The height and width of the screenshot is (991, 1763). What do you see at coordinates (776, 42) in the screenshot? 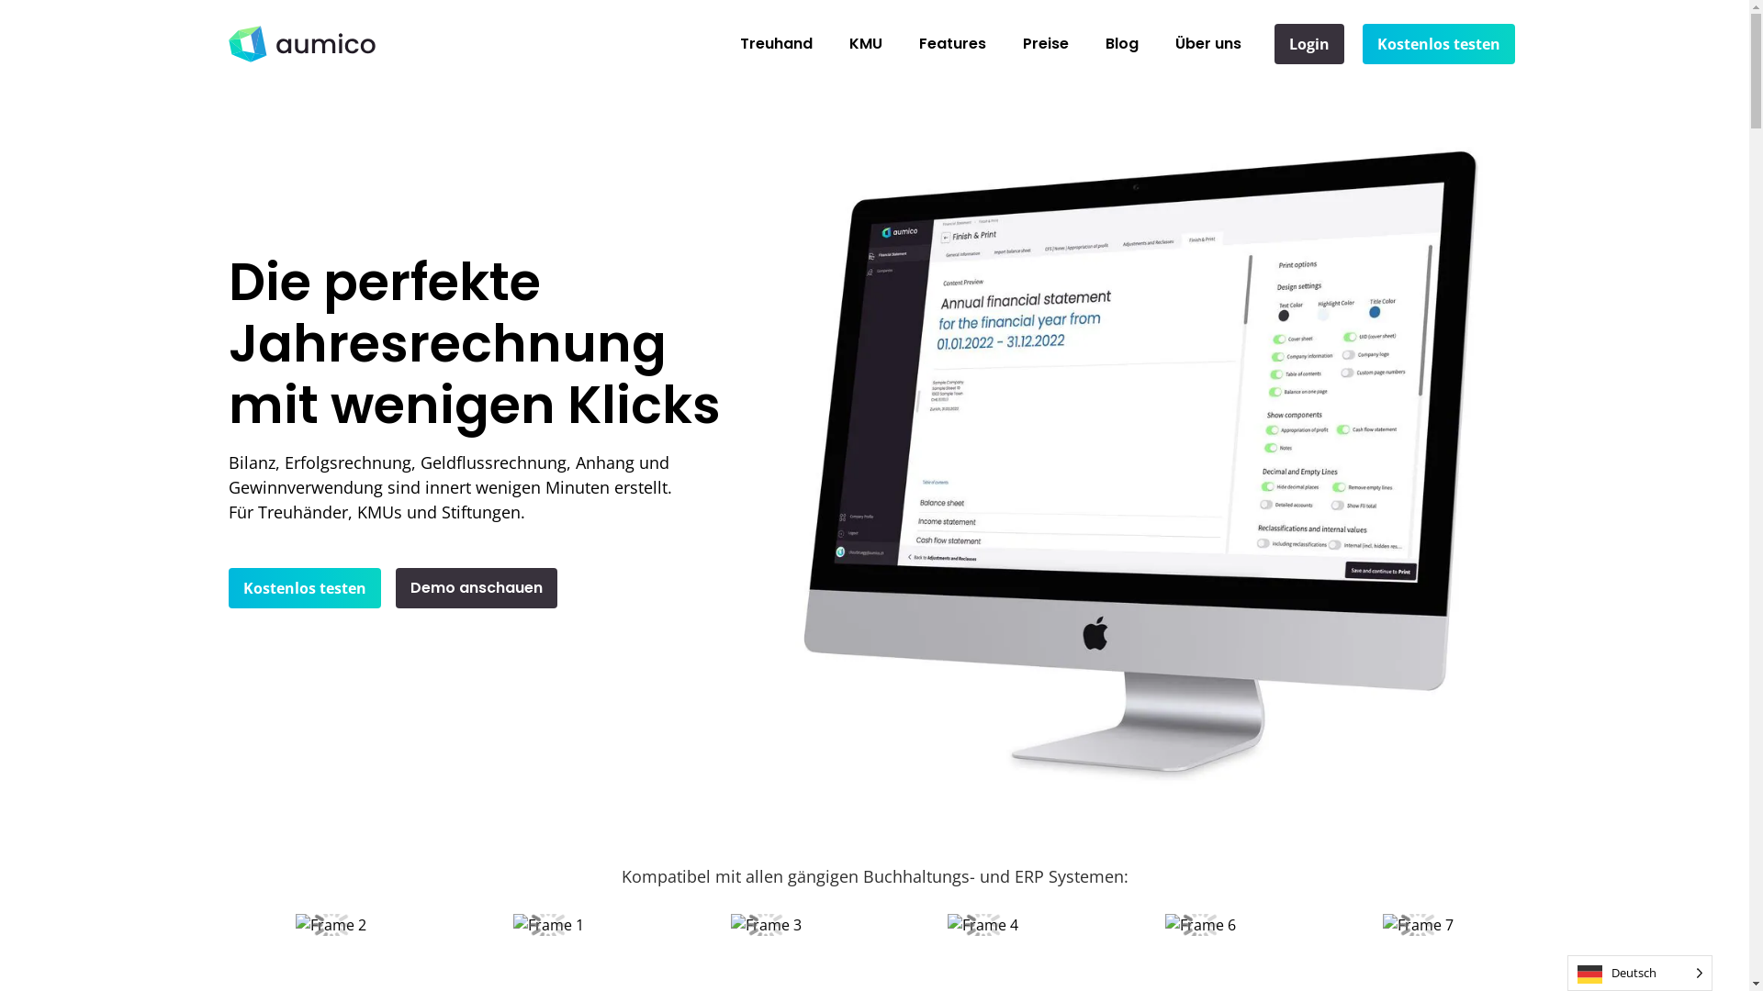
I see `'Treuhand'` at bounding box center [776, 42].